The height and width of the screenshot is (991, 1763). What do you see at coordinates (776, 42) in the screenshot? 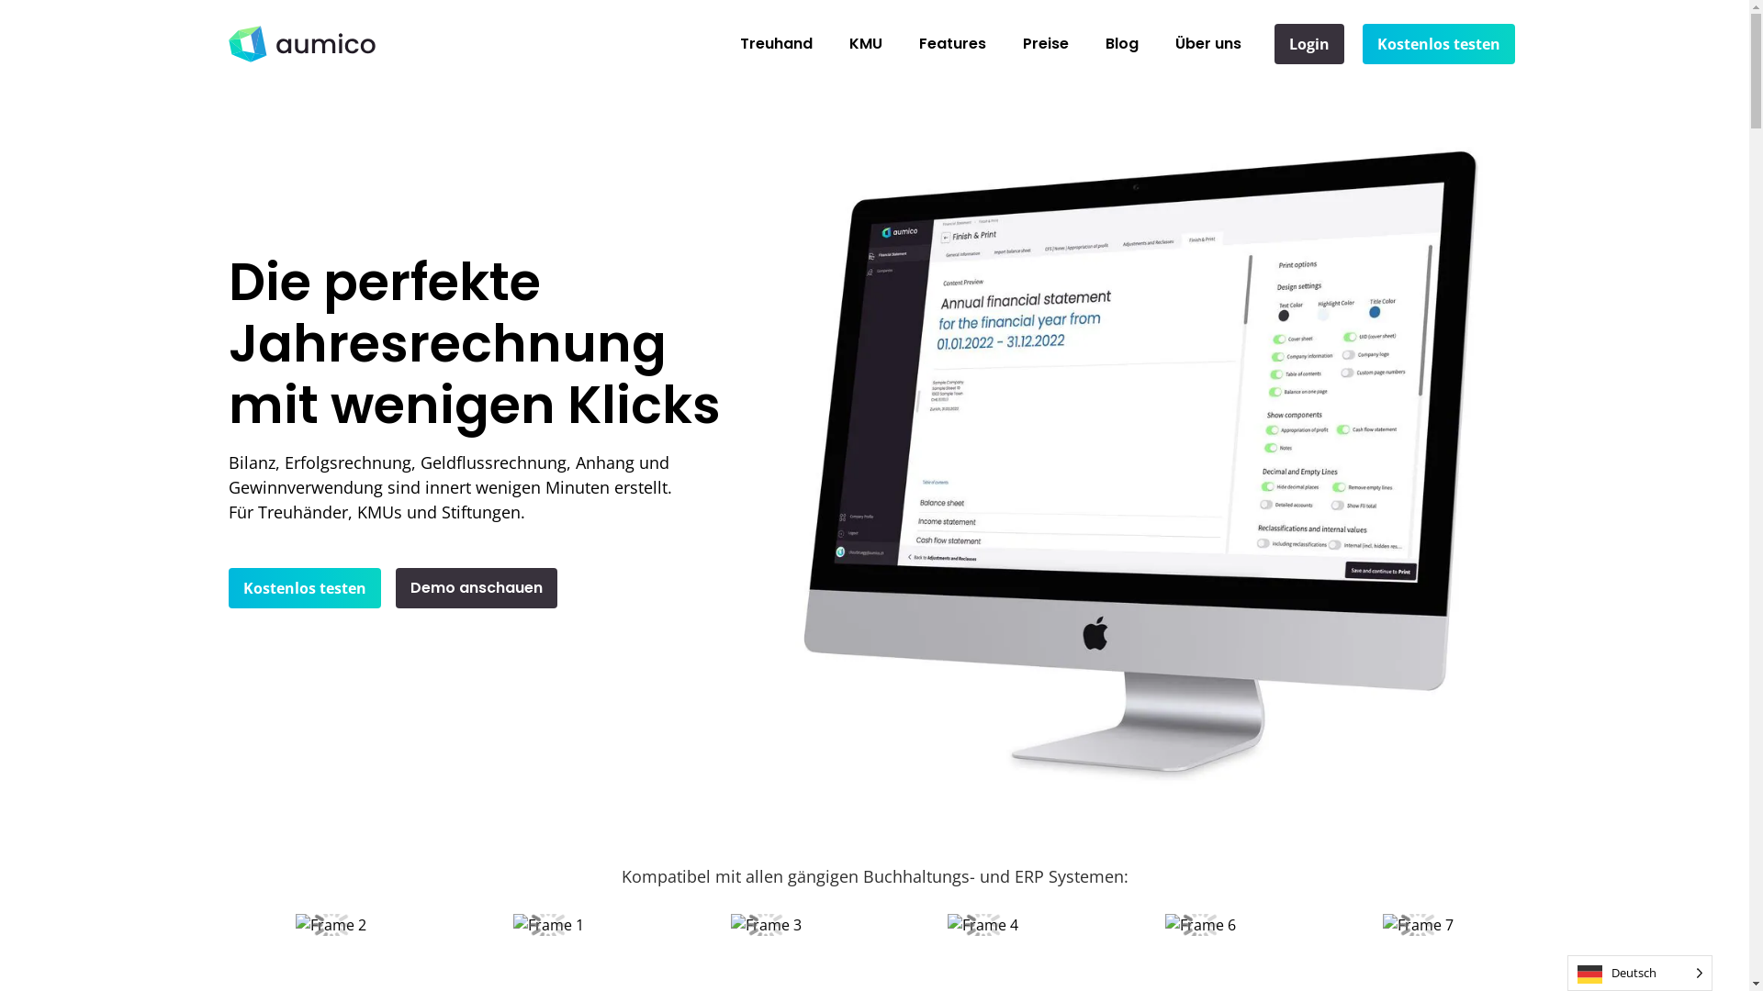
I see `'Treuhand'` at bounding box center [776, 42].